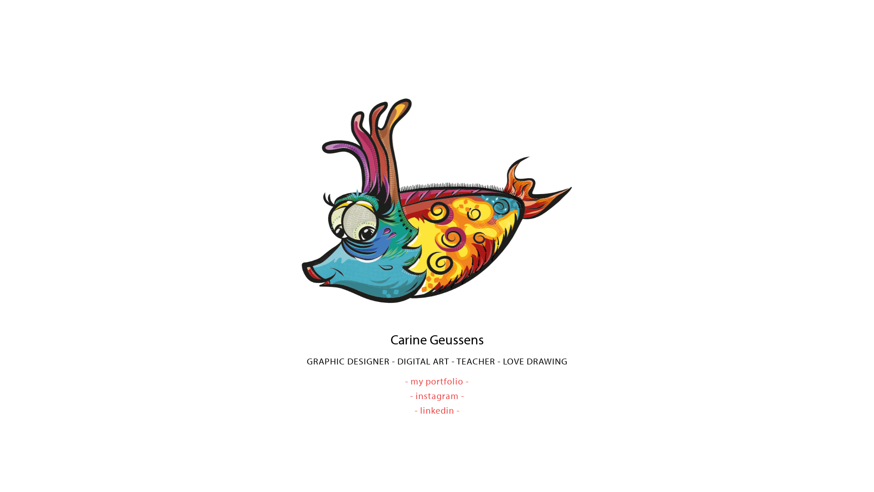  Describe the element at coordinates (404, 381) in the screenshot. I see `'- my portfolio -'` at that location.